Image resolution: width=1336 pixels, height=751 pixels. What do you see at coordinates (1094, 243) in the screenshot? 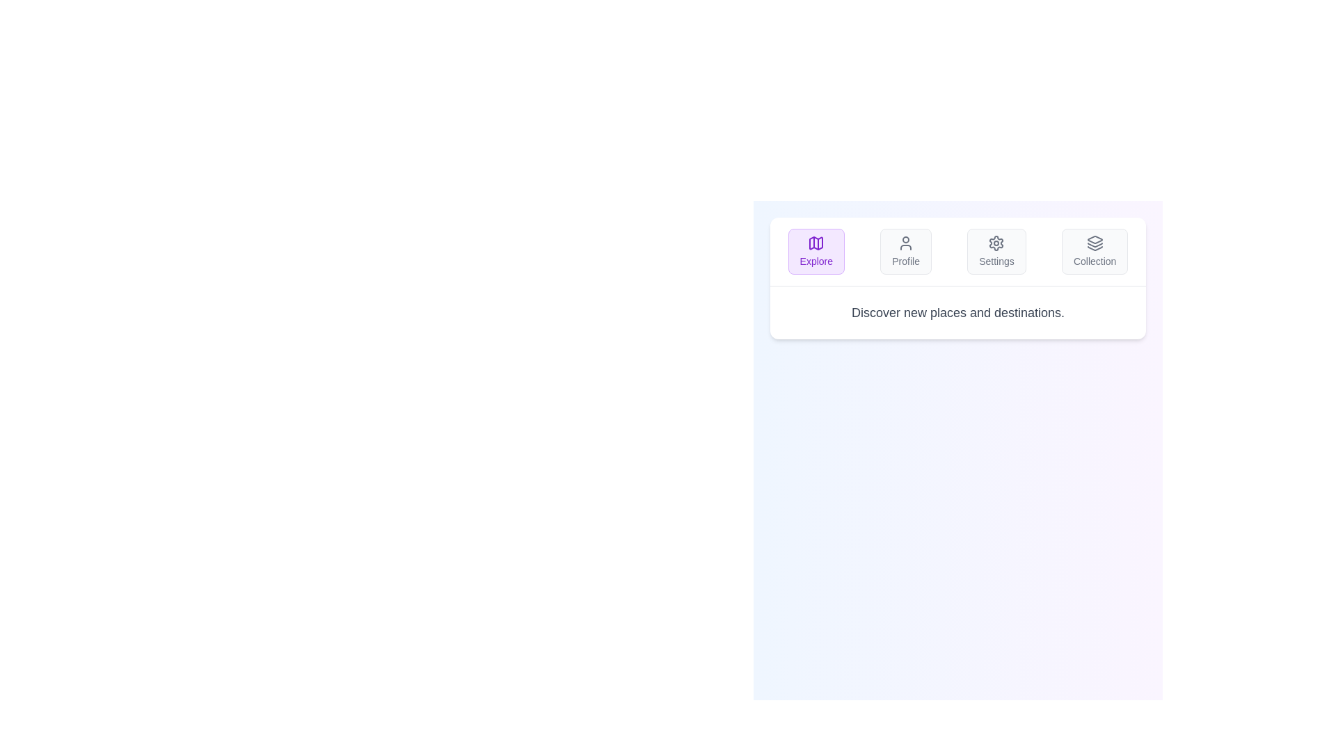
I see `the Vector graphic icon within the 'Collection' button, which is styled with a minimalist line art design and rendered in dark gray` at bounding box center [1094, 243].